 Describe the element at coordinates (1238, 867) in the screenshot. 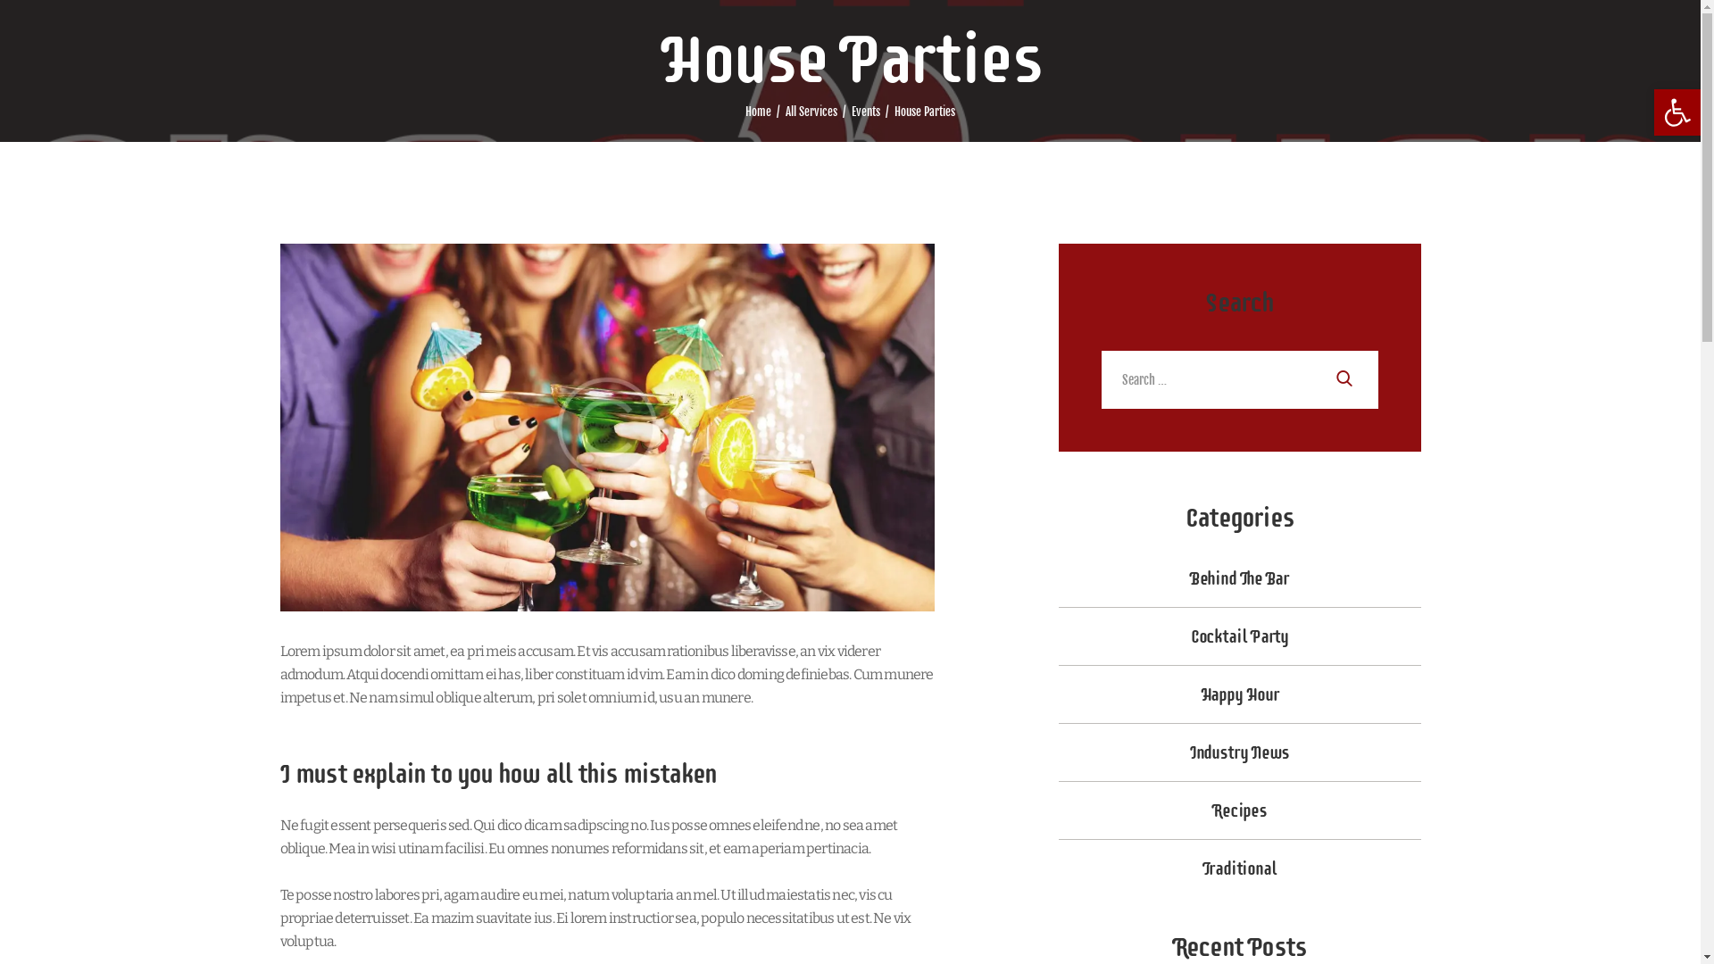

I see `'Traditional'` at that location.